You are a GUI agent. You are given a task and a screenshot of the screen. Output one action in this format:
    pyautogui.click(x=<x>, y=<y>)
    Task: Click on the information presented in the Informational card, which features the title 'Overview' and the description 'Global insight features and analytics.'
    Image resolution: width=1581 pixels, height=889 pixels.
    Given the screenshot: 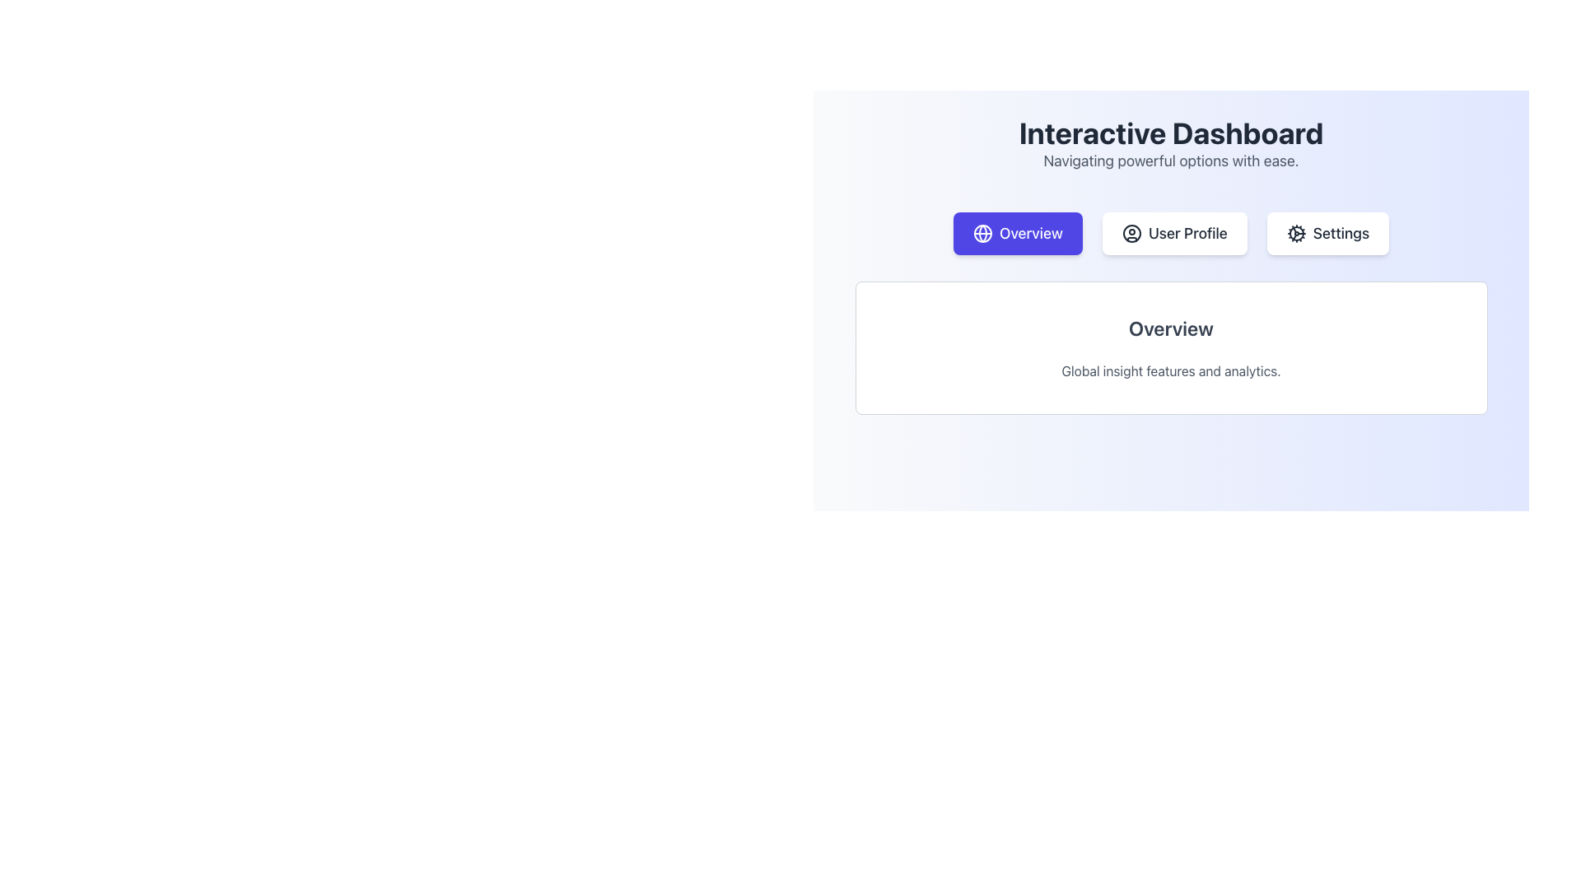 What is the action you would take?
    pyautogui.click(x=1170, y=347)
    